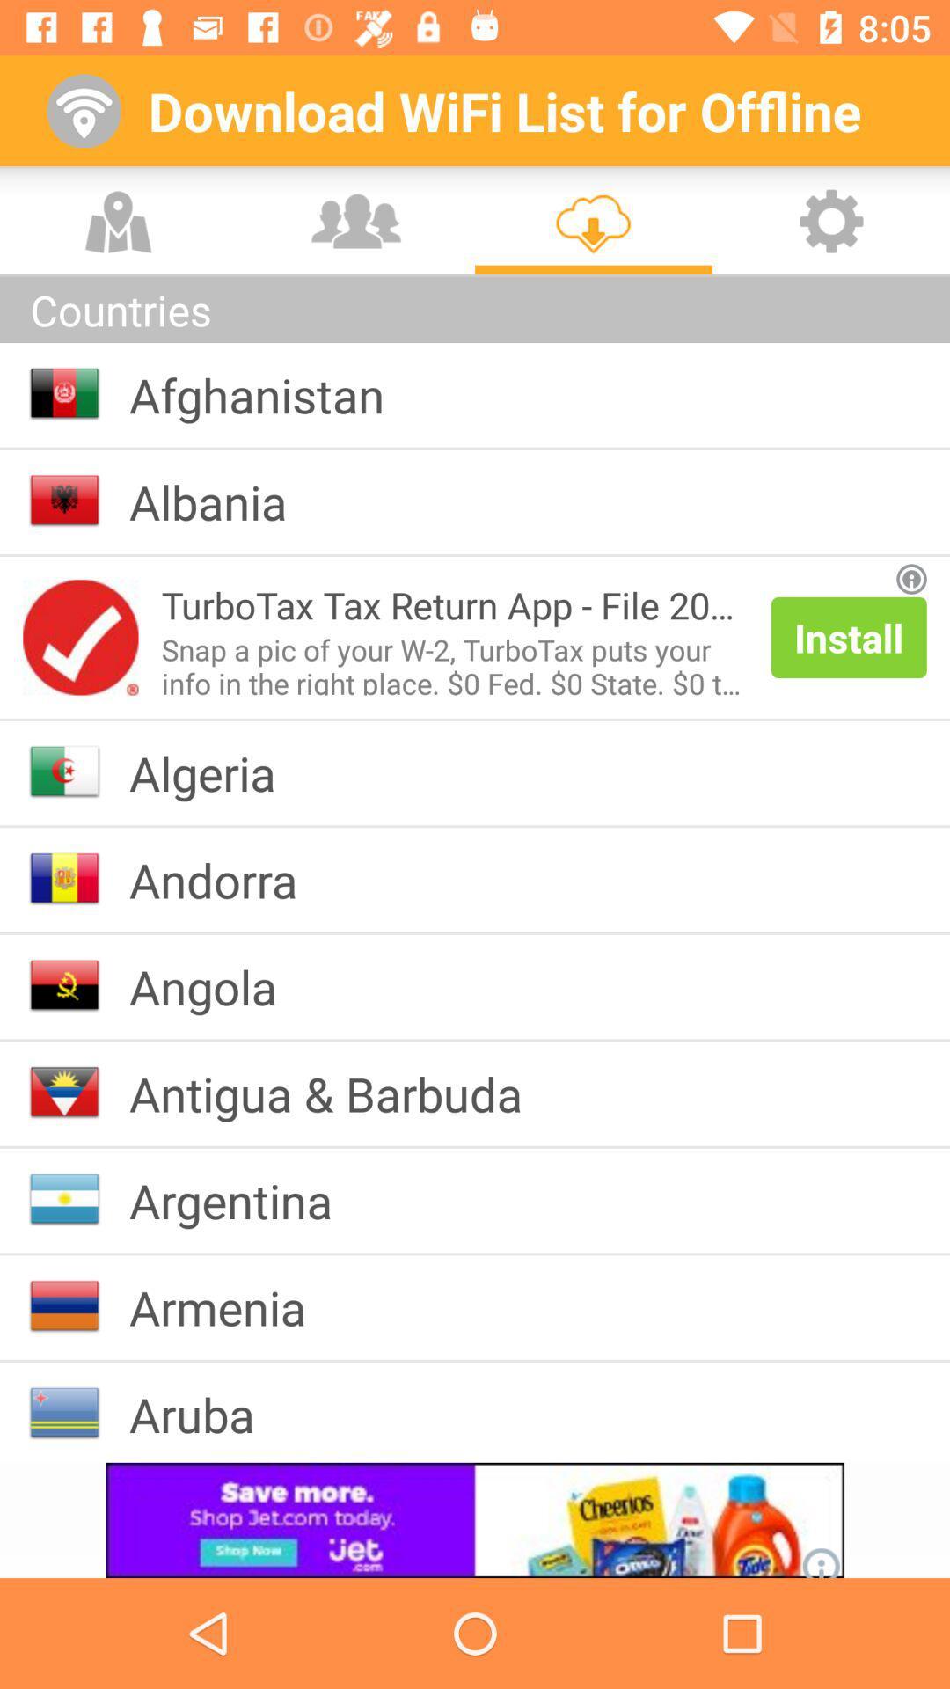 The height and width of the screenshot is (1689, 950). I want to click on app below armenia item, so click(205, 1414).